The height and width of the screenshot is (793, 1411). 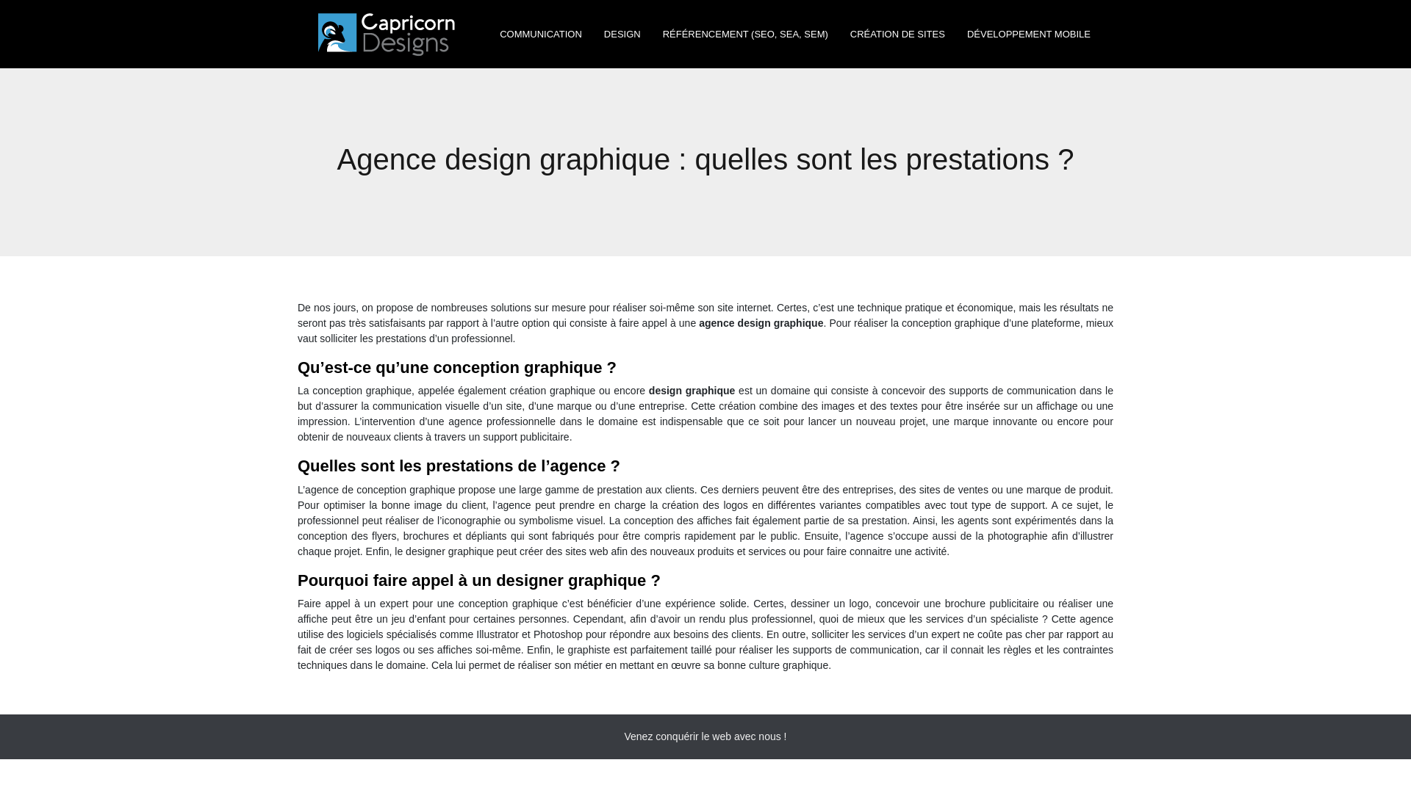 What do you see at coordinates (622, 33) in the screenshot?
I see `'DESIGN'` at bounding box center [622, 33].